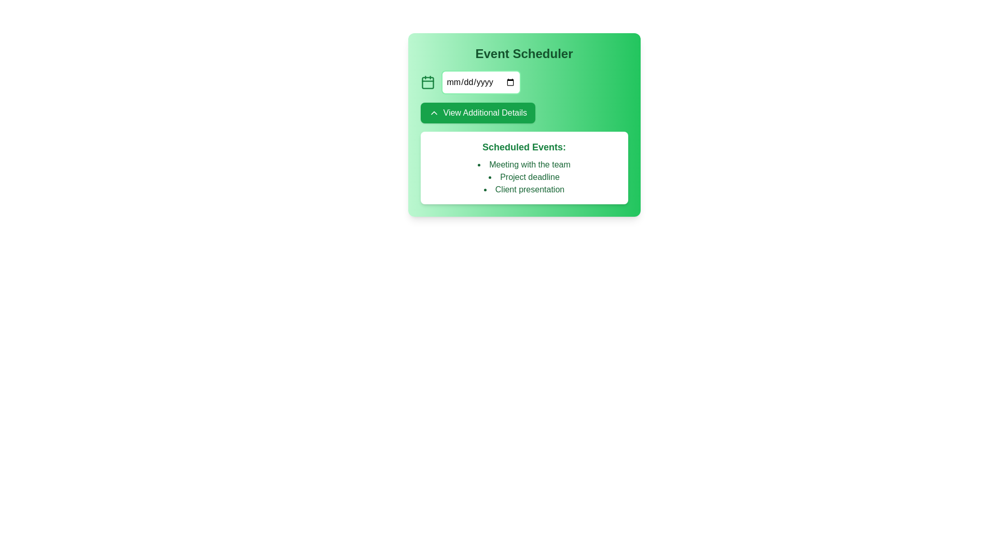 The width and height of the screenshot is (996, 560). Describe the element at coordinates (524, 190) in the screenshot. I see `the third item in the bulleted list titled 'Client presentation' which provides information about upcoming activities` at that location.